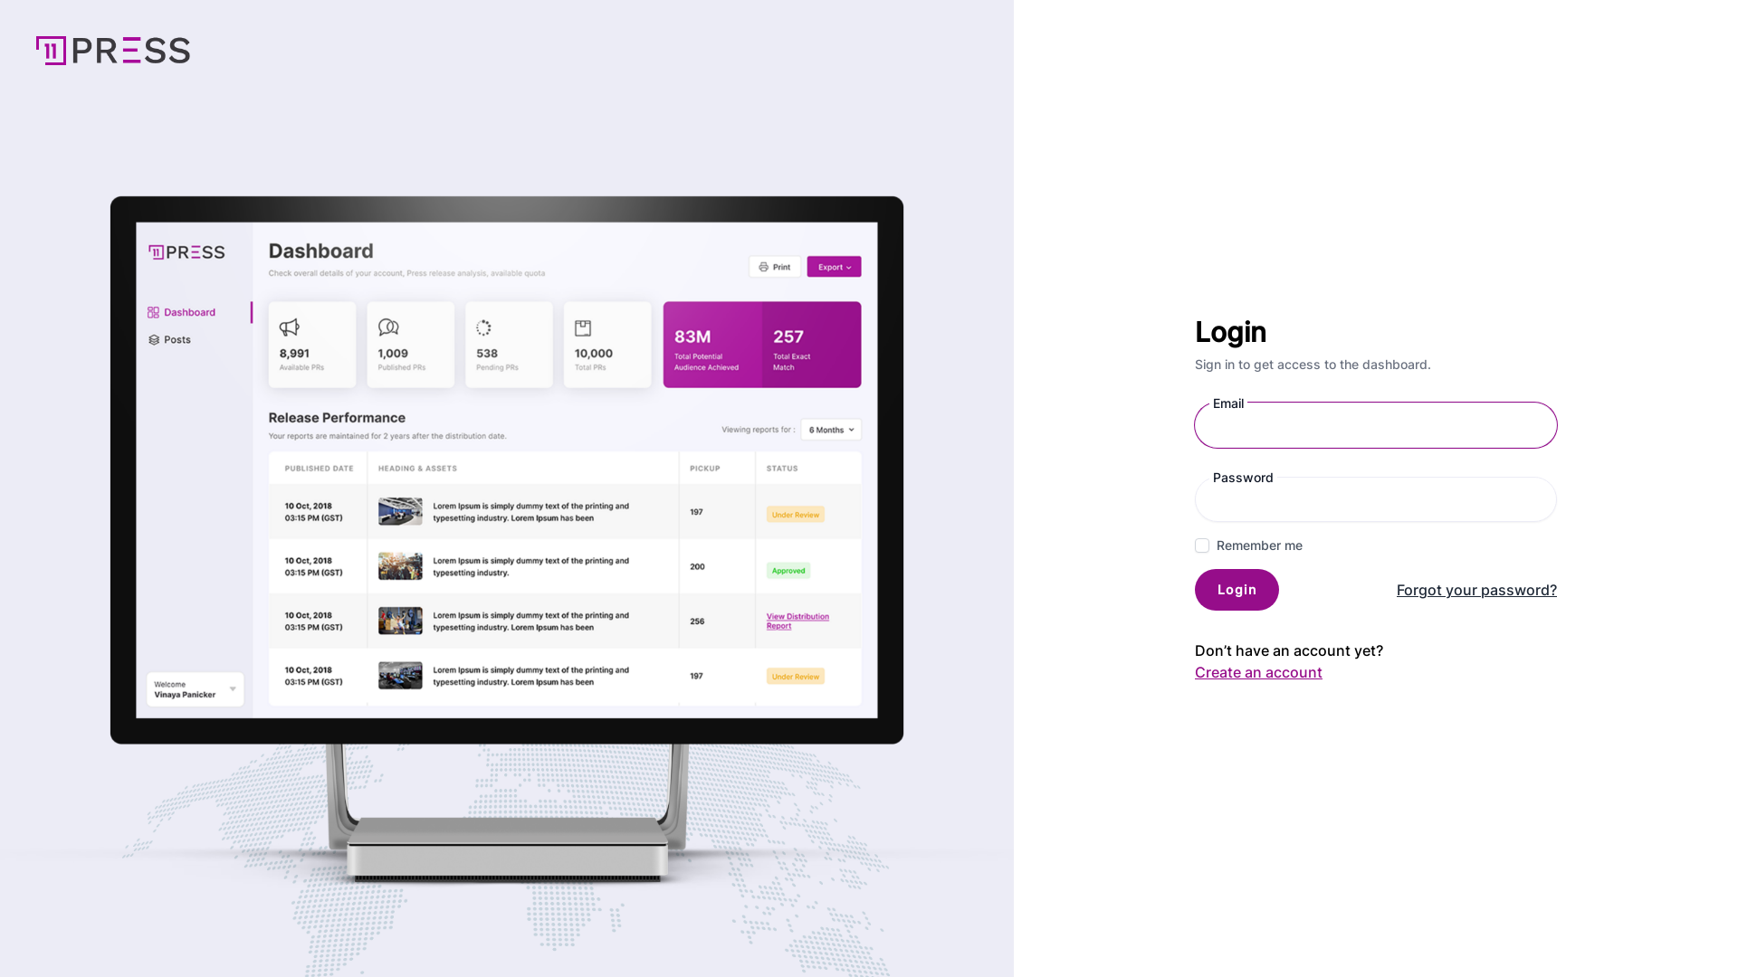  What do you see at coordinates (1195, 672) in the screenshot?
I see `'Create an account'` at bounding box center [1195, 672].